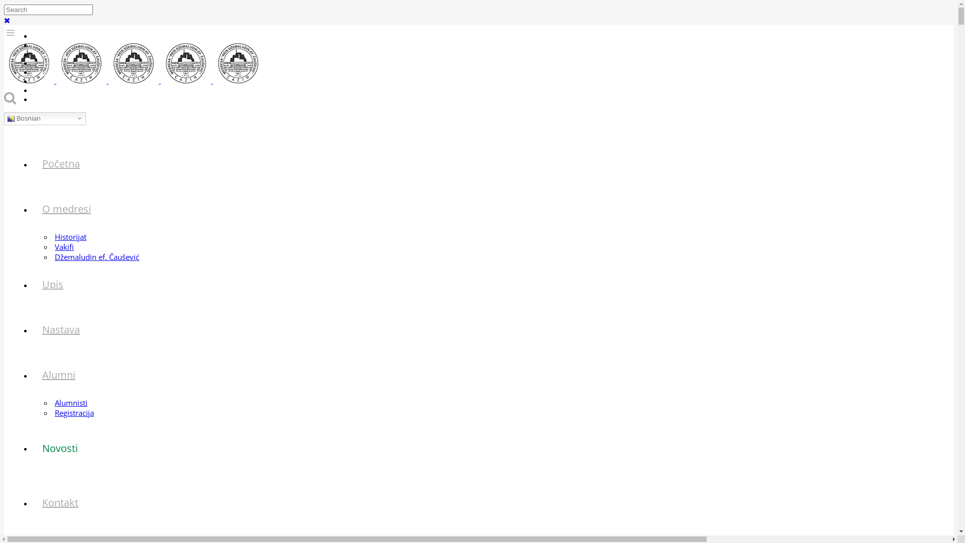  What do you see at coordinates (70, 402) in the screenshot?
I see `'Alumnisti'` at bounding box center [70, 402].